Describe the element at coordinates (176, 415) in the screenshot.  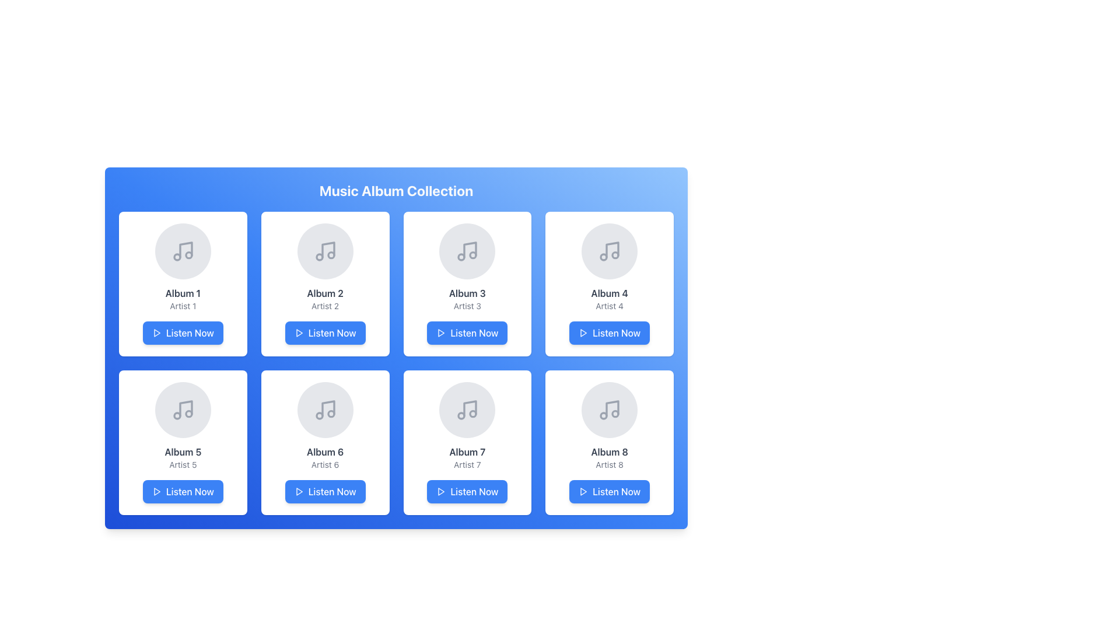
I see `the second circular component of the music icon, which is a minimalistic circular shape representing a music note` at that location.